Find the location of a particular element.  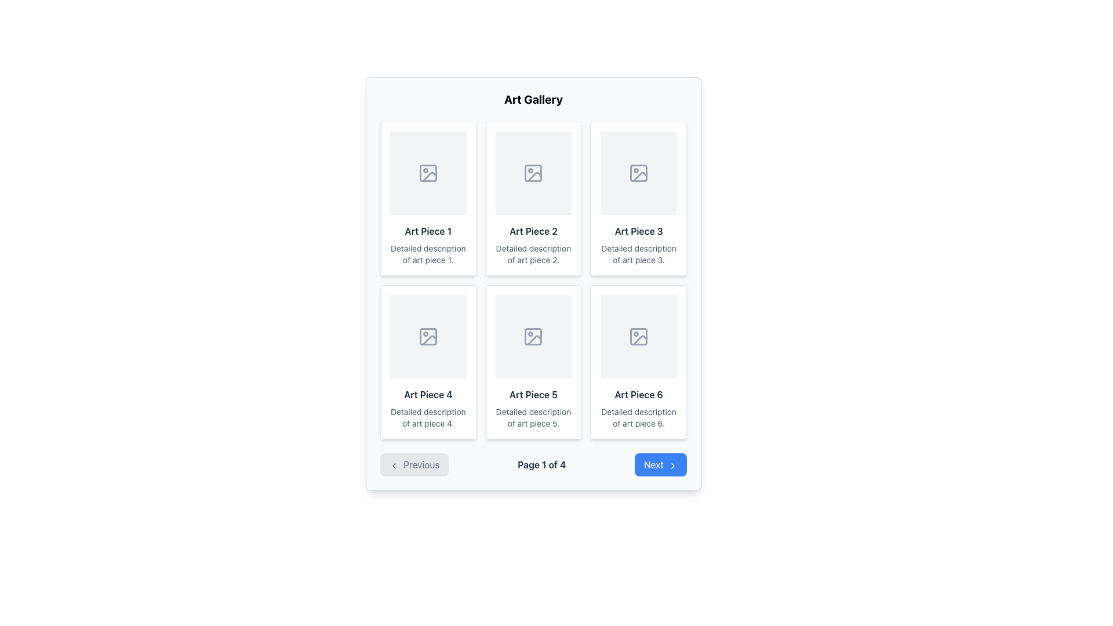

the text block containing the phrase 'Detailed description of art piece 3' styled in light gray font, located below the title 'Art Piece 3' in the third column of a grid layout is located at coordinates (638, 254).